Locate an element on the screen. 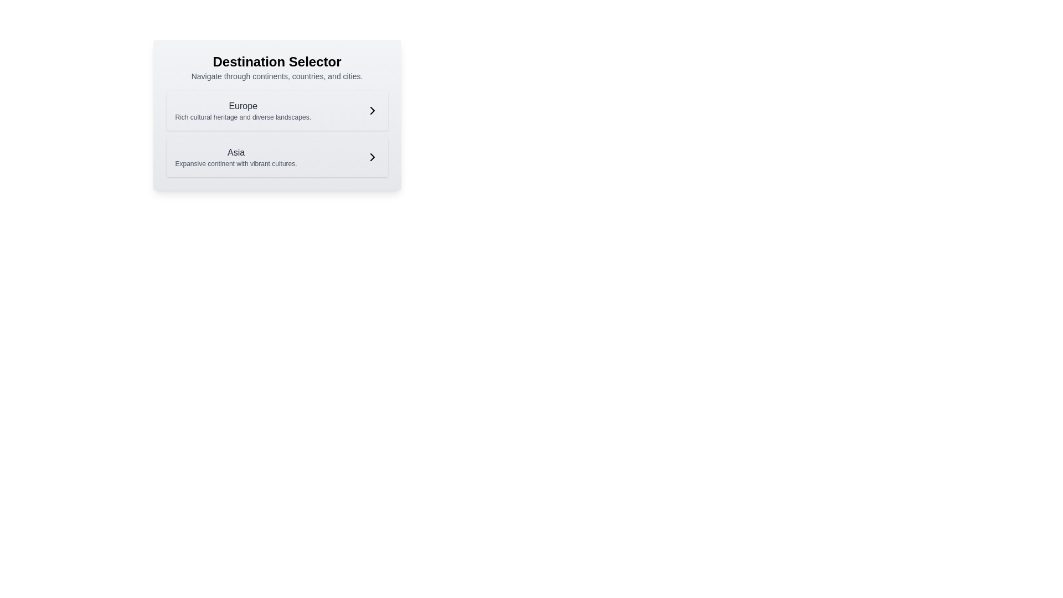 The height and width of the screenshot is (598, 1063). the static text element that provides information about the 'Destination Selector' module, located directly below the 'Destination Selector' title is located at coordinates (277, 76).